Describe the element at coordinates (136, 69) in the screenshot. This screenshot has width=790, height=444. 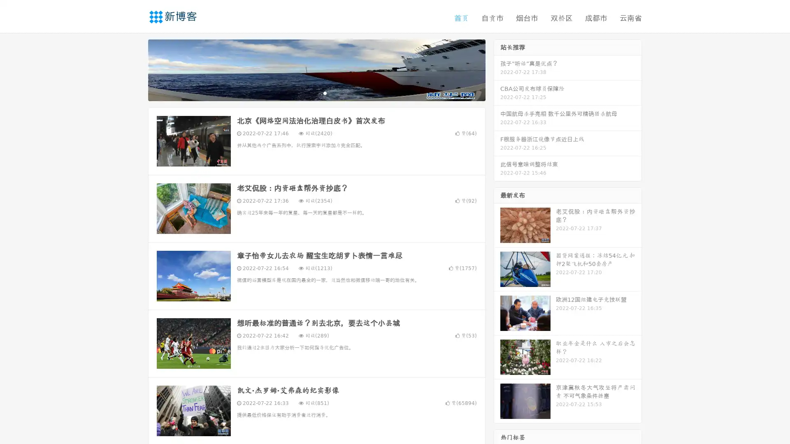
I see `Previous slide` at that location.